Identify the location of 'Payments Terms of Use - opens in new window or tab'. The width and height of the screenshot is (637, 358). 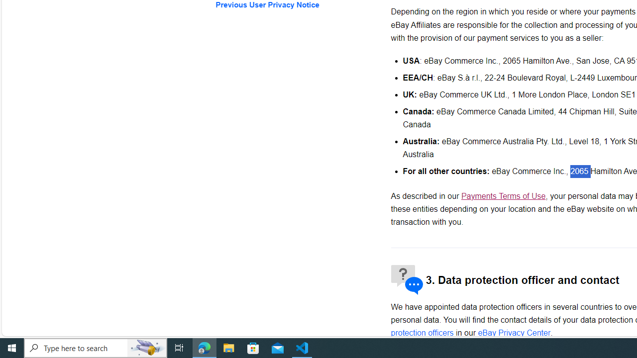
(503, 196).